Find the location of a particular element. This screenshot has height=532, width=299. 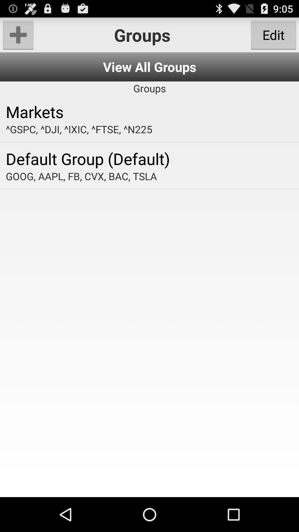

icon below default group (default) icon is located at coordinates (149, 176).